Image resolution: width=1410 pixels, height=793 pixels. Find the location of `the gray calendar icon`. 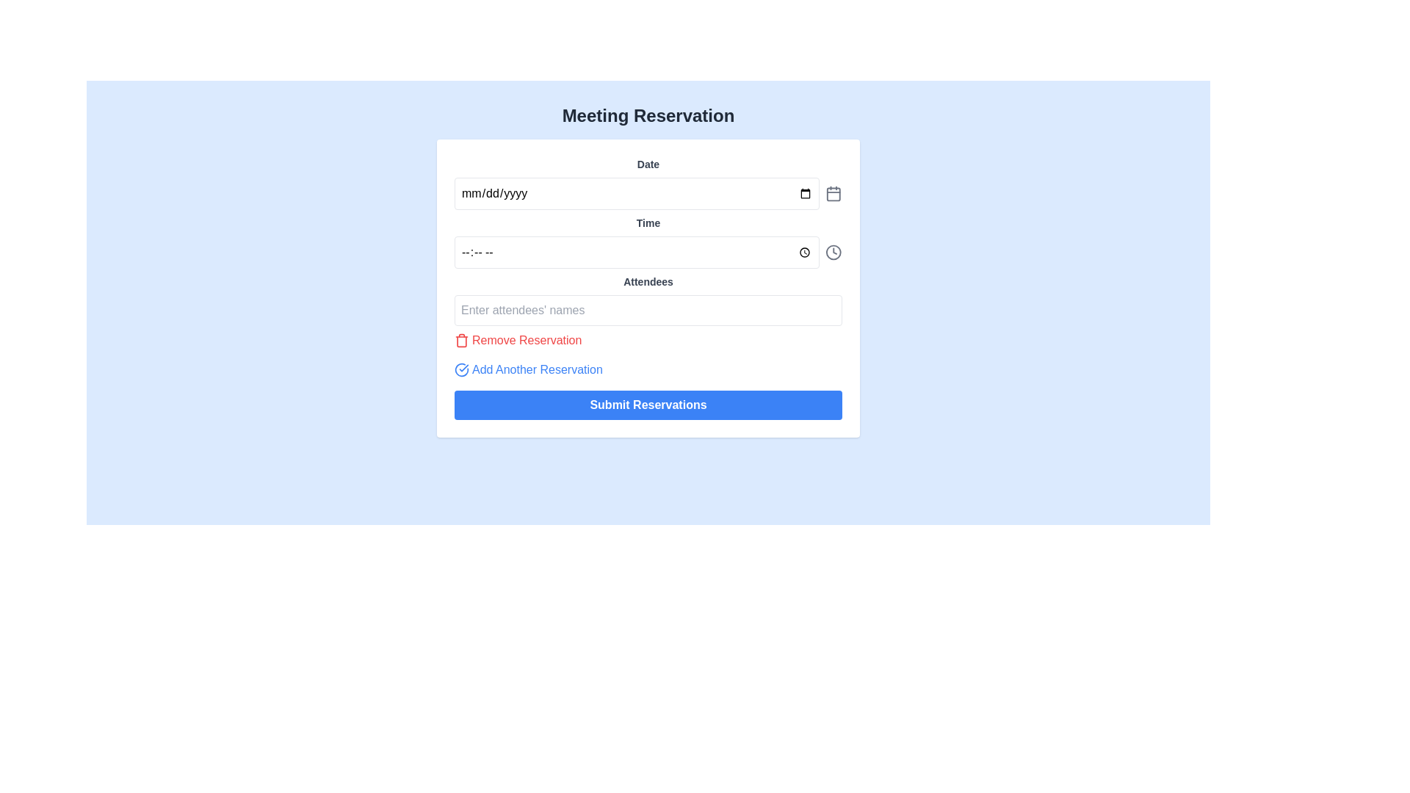

the gray calendar icon is located at coordinates (834, 192).